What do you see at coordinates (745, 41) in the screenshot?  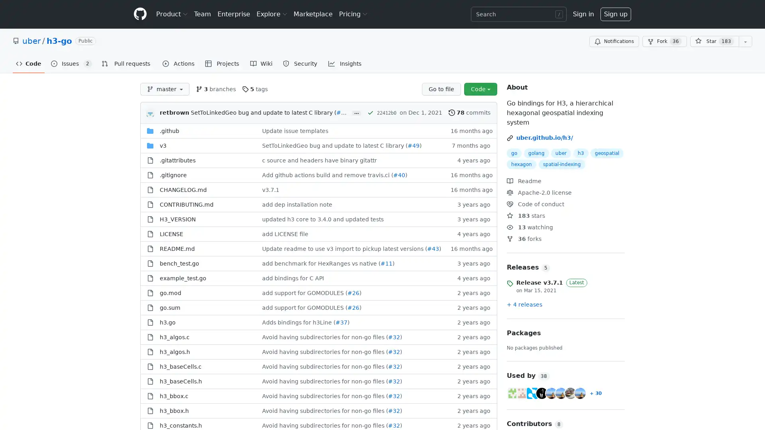 I see `You must be signed in to add this repository to a list` at bounding box center [745, 41].